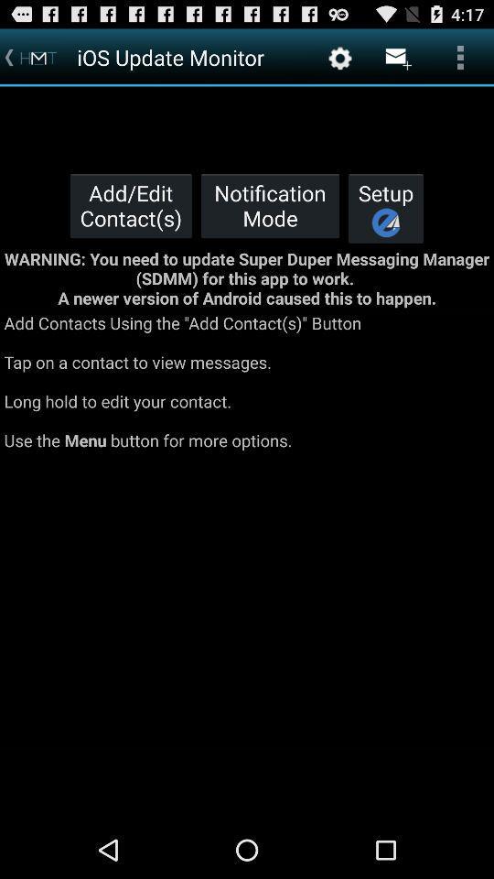 Image resolution: width=494 pixels, height=879 pixels. Describe the element at coordinates (385, 208) in the screenshot. I see `the icon to the right of the notification` at that location.